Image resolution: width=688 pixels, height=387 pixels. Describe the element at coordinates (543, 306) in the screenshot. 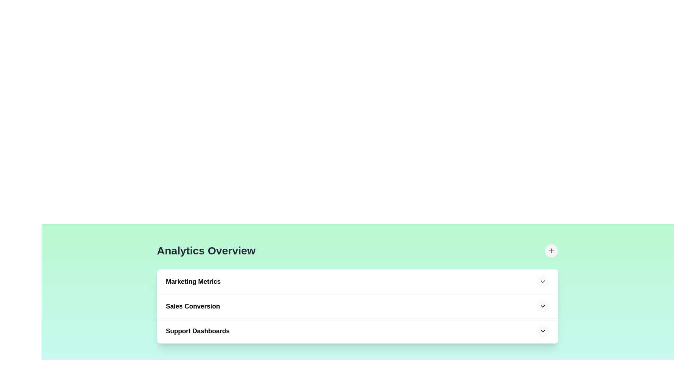

I see `the state of the dropdown toggle icon located in the second row of the 'Support Dashboards' section, directly to the right of 'Sales Conversion', for interaction cues` at that location.